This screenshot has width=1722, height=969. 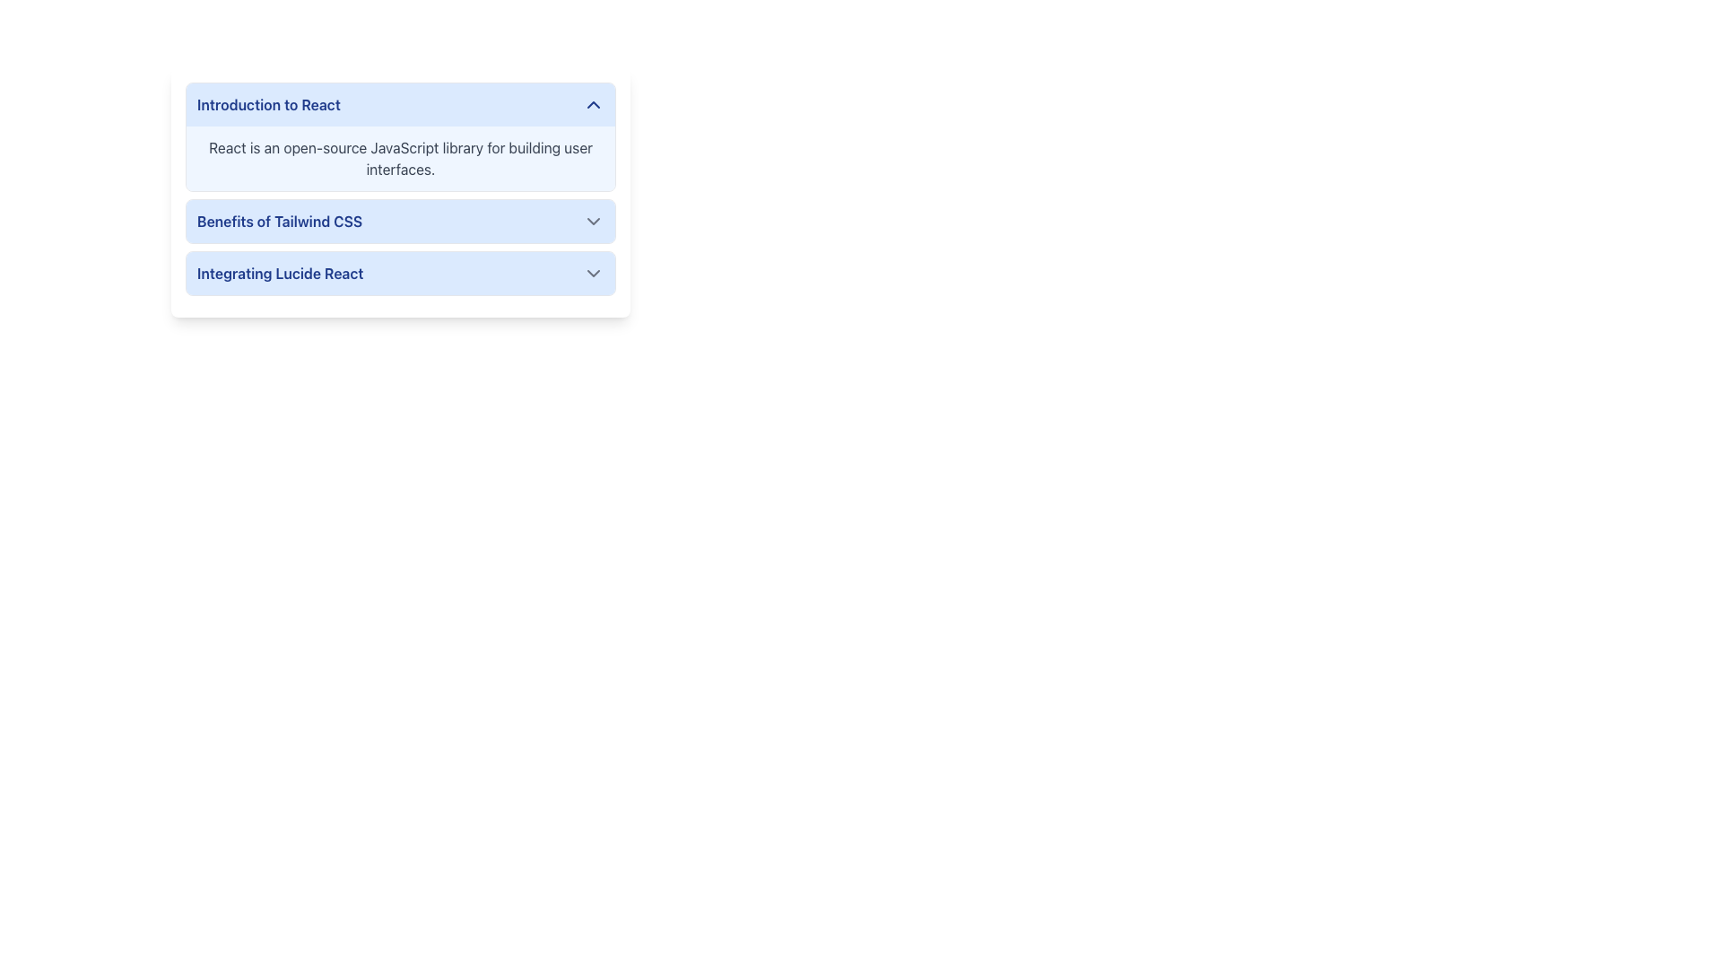 I want to click on text label 'Integrating Lucide React' which is displayed in bold dark blue font centered within a light blue bar in the third section of the vertically stacked list, so click(x=279, y=273).